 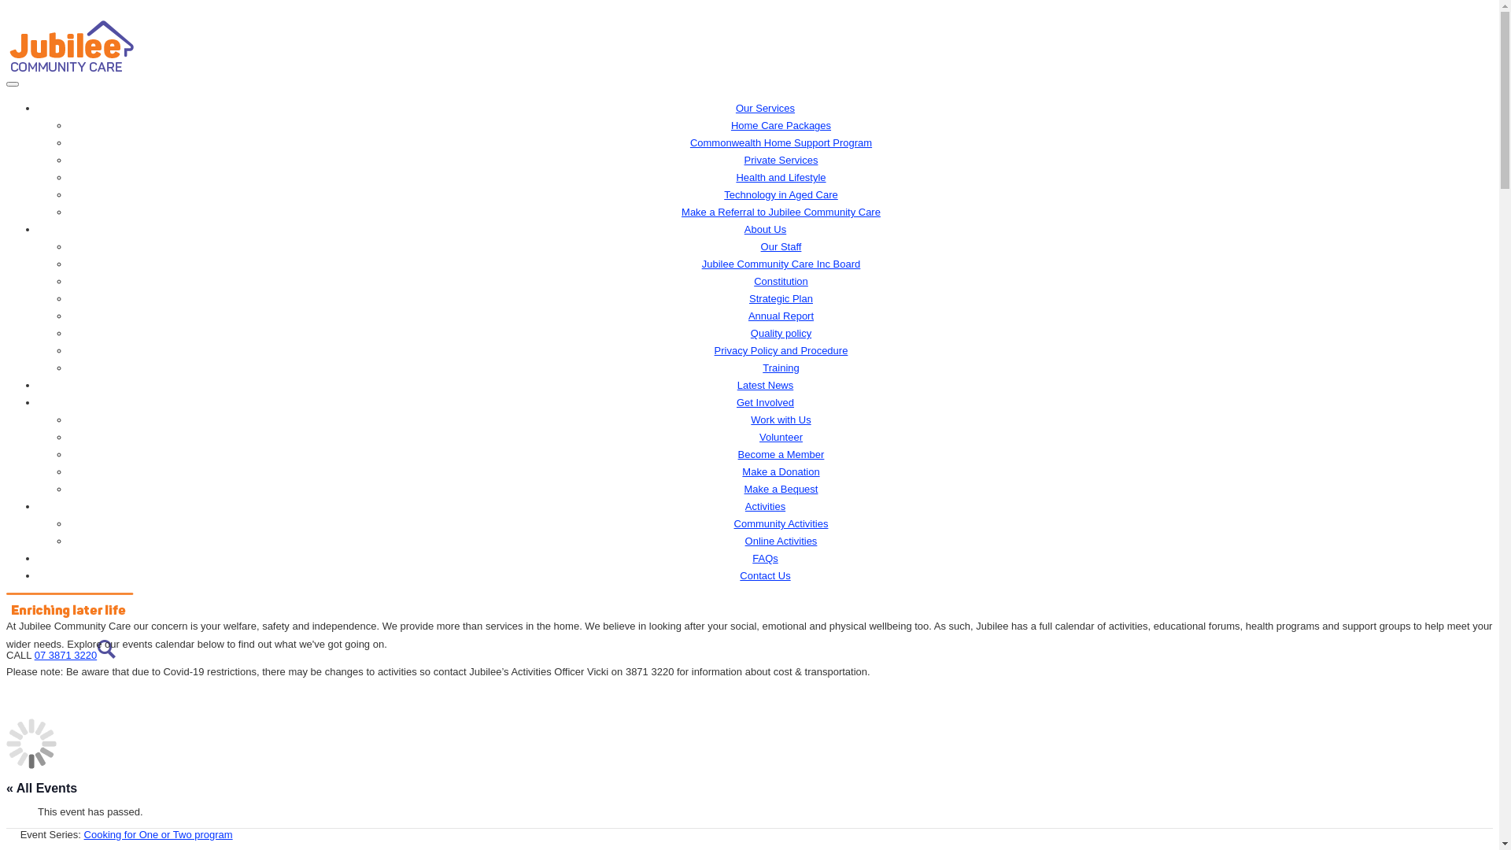 What do you see at coordinates (12, 84) in the screenshot?
I see `'Toggle navigation'` at bounding box center [12, 84].